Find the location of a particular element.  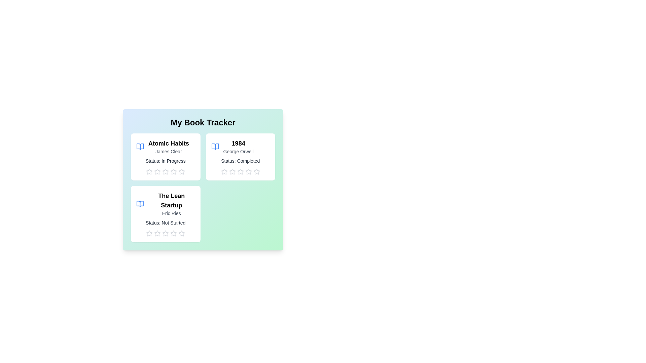

the rating for a book to 2 stars is located at coordinates (154, 171).